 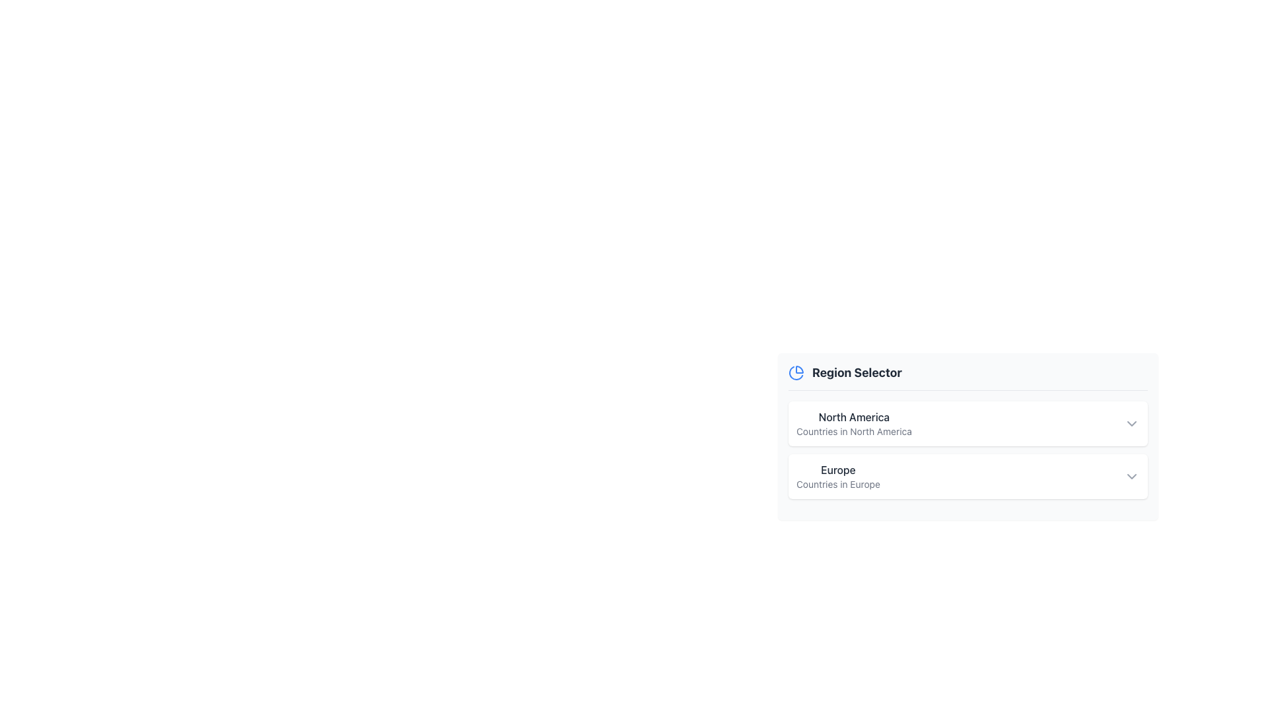 What do you see at coordinates (837, 469) in the screenshot?
I see `the static text label containing the word 'Europe', which is styled in bold and medium-weight font, located in the 'Region Selector' section above the description 'Countries in Europe'` at bounding box center [837, 469].